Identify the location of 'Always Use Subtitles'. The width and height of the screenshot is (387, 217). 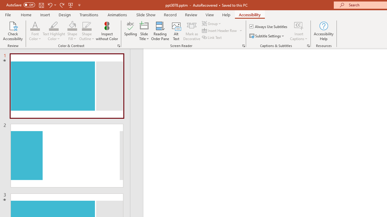
(268, 26).